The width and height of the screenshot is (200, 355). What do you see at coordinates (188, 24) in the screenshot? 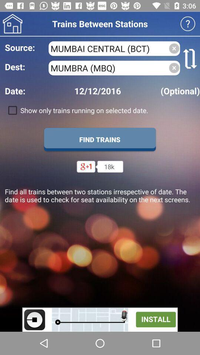
I see `the help icon` at bounding box center [188, 24].